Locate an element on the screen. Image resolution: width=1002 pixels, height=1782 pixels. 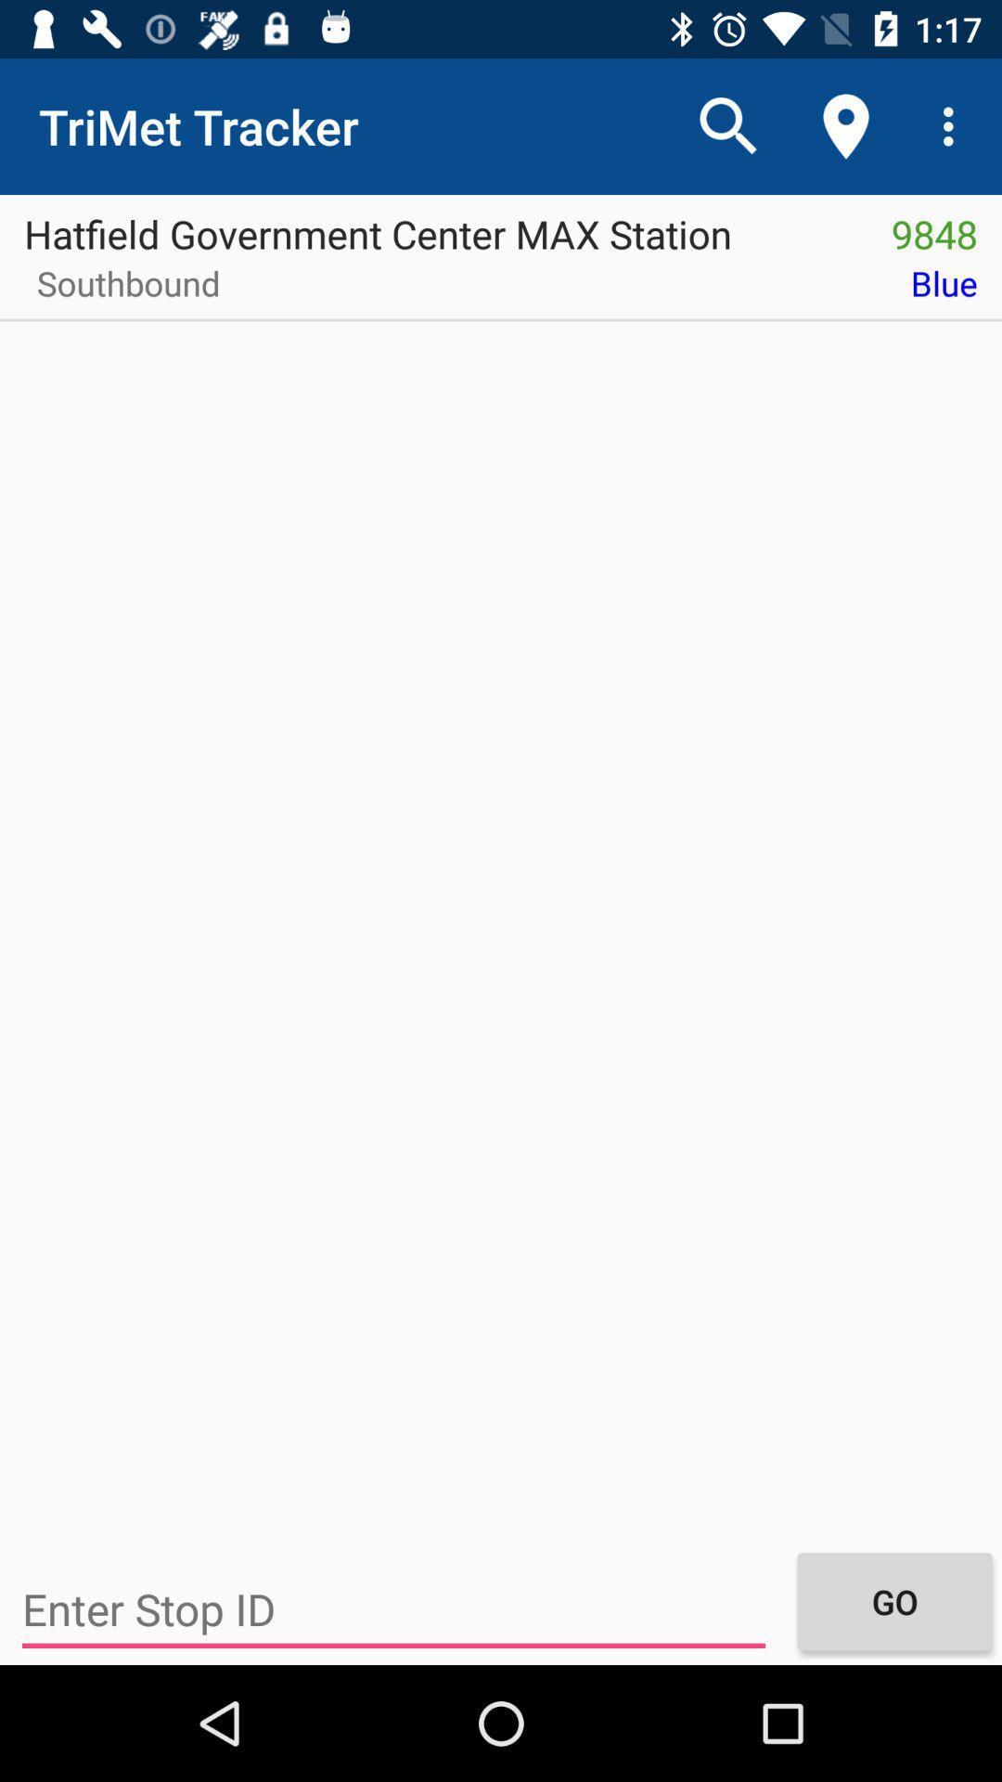
the item above the blue icon is located at coordinates (934, 226).